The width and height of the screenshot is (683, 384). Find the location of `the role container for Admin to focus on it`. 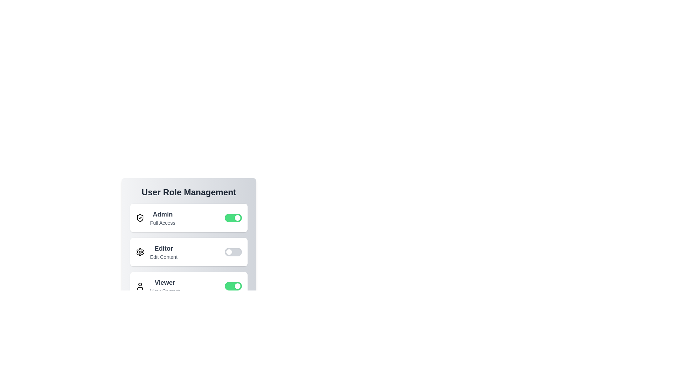

the role container for Admin to focus on it is located at coordinates (189, 218).